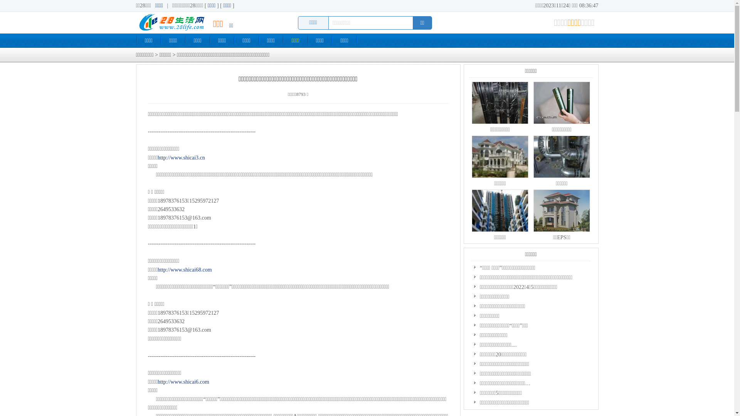  I want to click on 'http://www.shicai6.com', so click(157, 382).